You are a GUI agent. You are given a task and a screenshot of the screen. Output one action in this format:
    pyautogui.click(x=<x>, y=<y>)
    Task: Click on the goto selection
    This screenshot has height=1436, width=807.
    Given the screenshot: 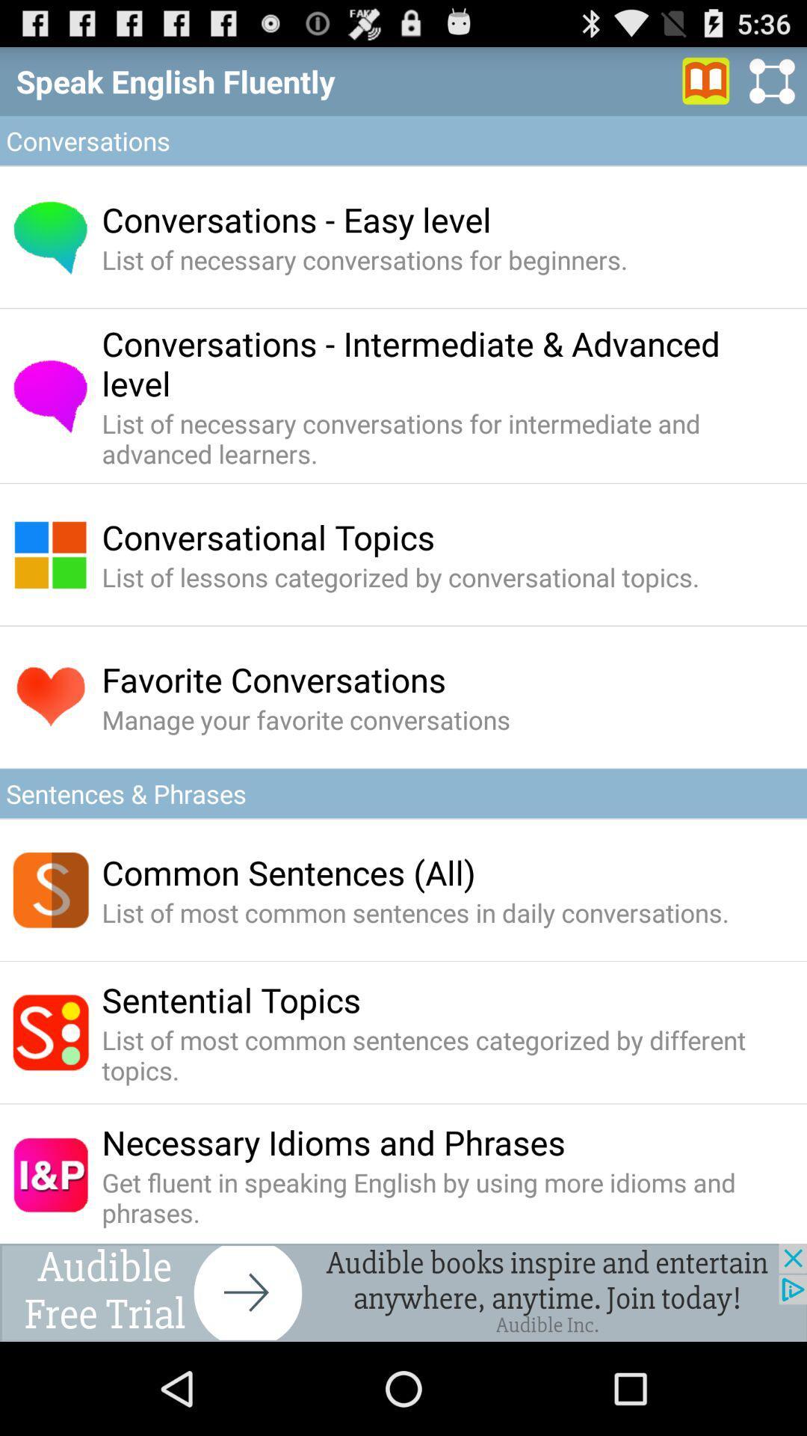 What is the action you would take?
    pyautogui.click(x=706, y=80)
    